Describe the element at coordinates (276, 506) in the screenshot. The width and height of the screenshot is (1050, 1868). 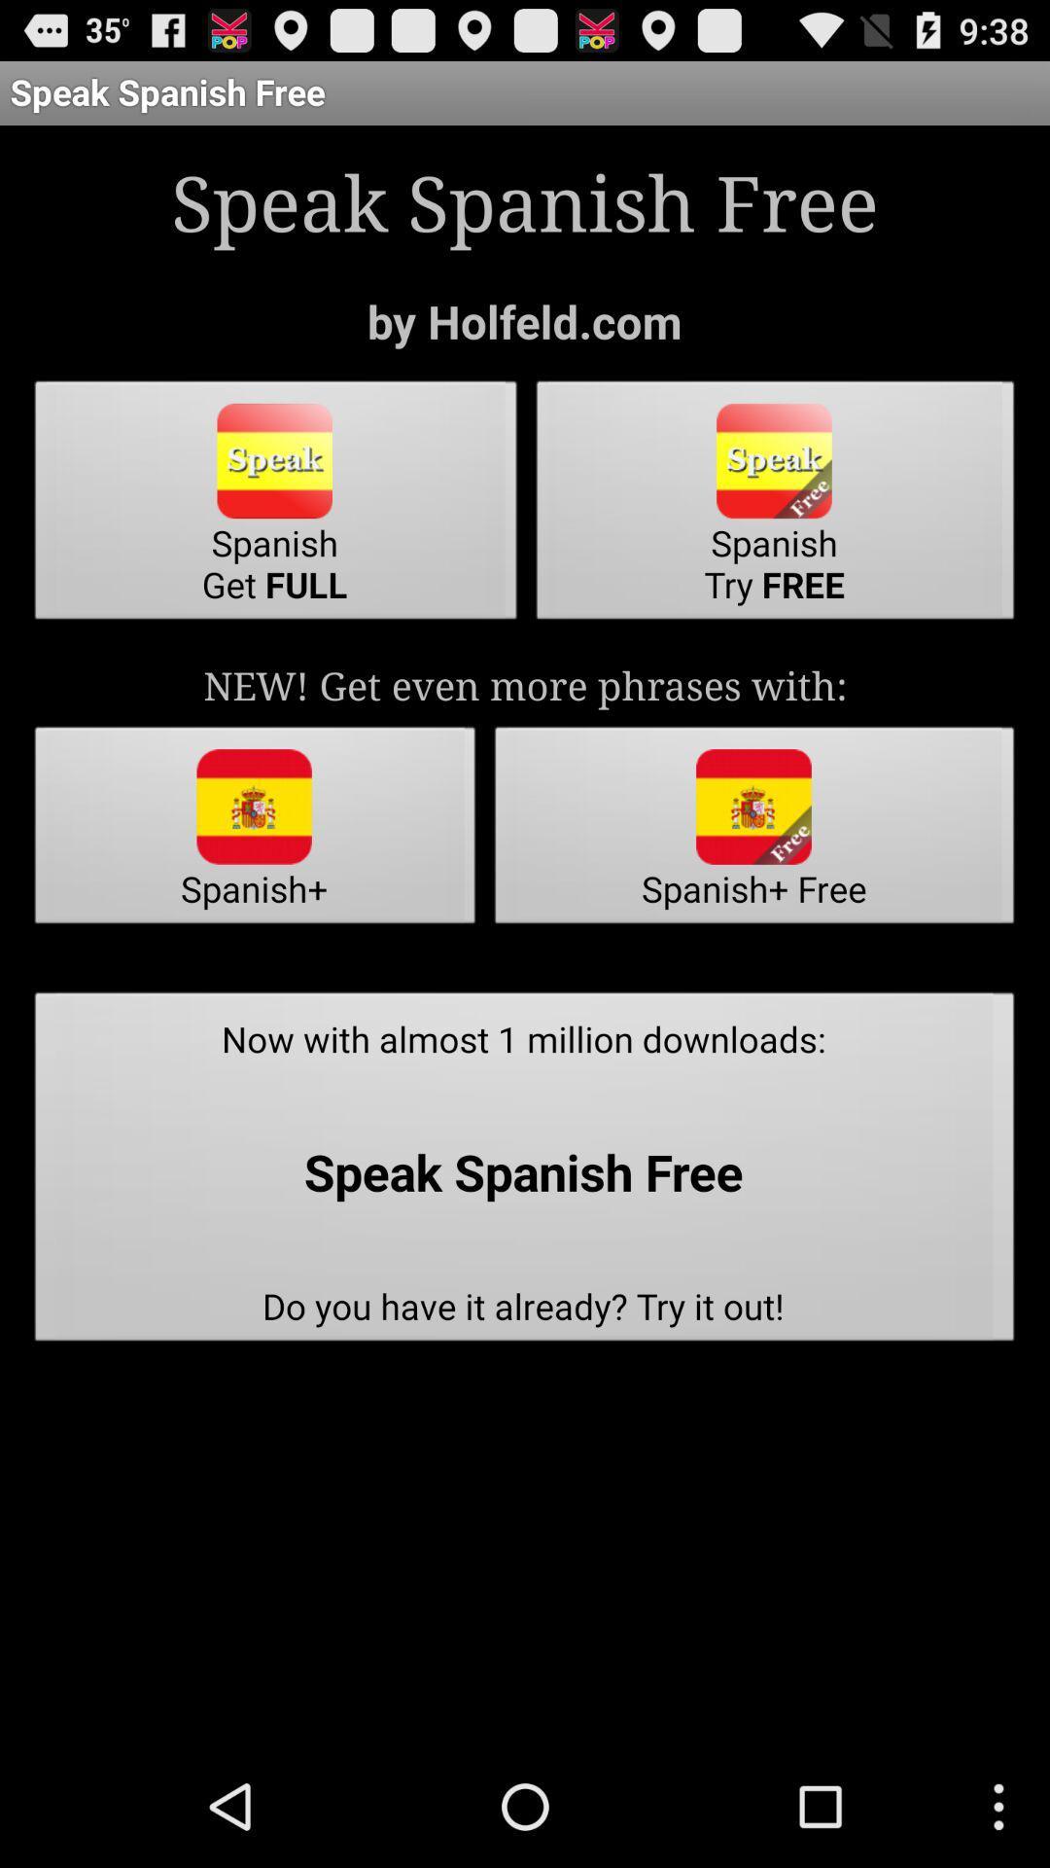
I see `the spanish` at that location.